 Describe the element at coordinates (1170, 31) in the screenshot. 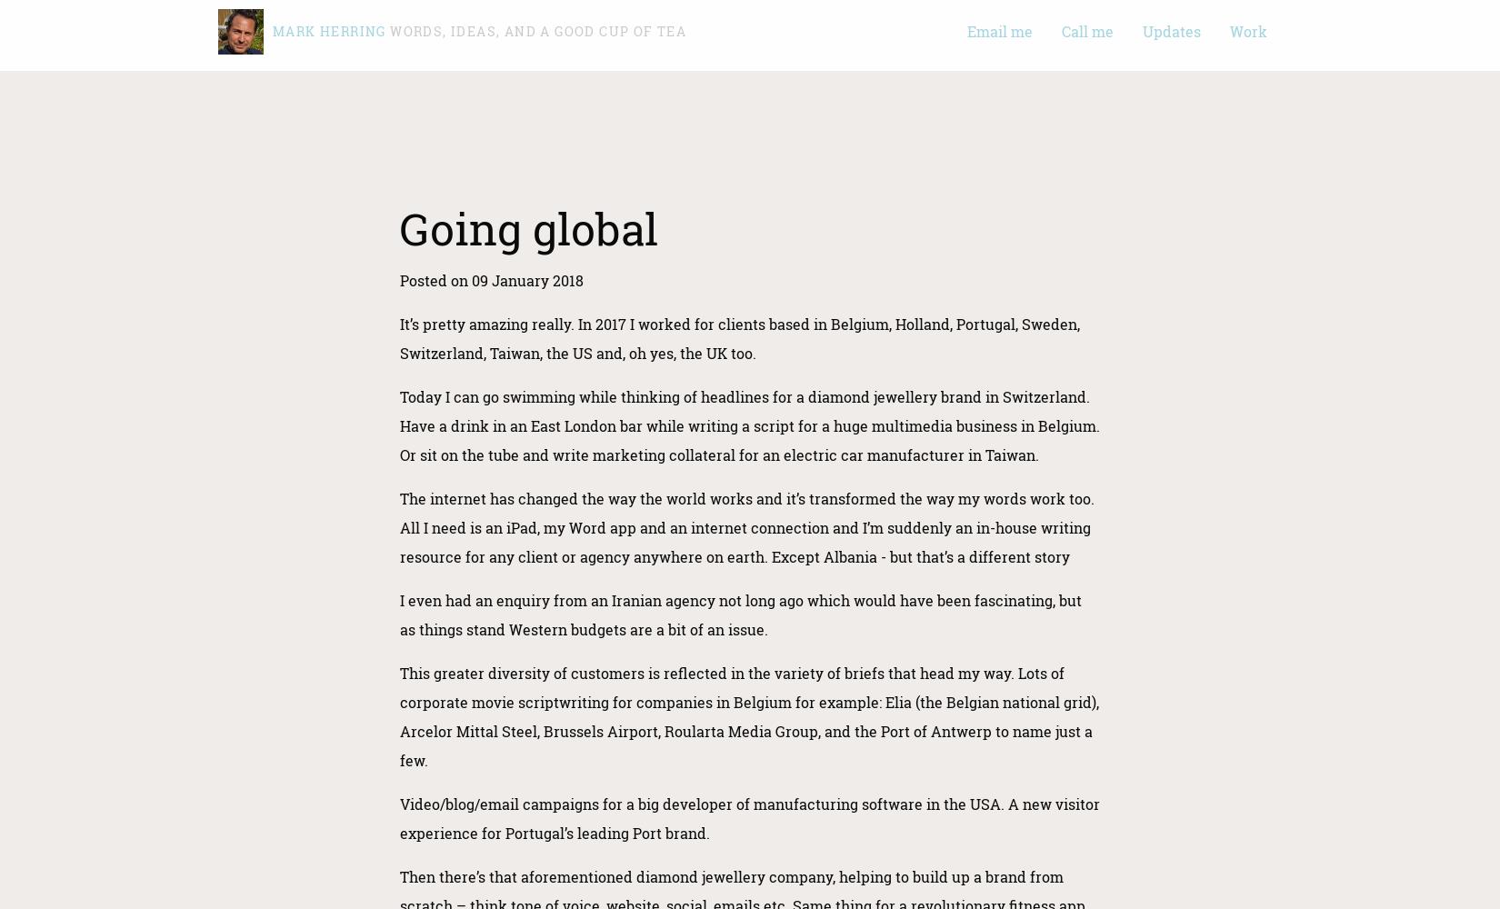

I see `'Updates'` at that location.